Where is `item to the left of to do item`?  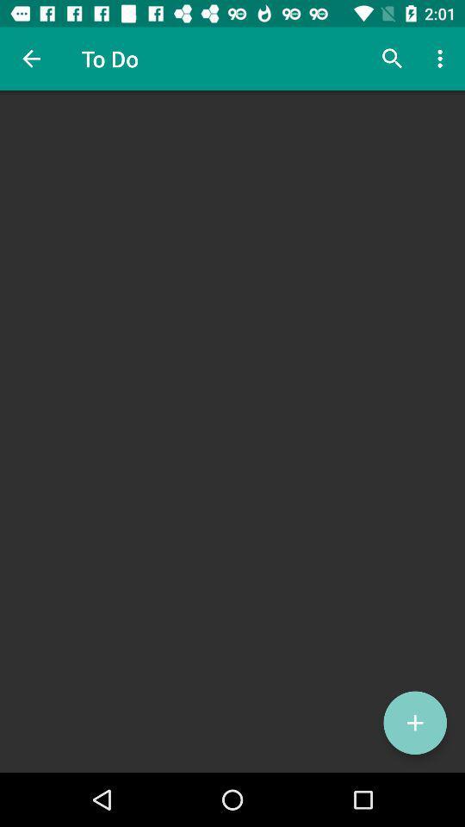 item to the left of to do item is located at coordinates (31, 59).